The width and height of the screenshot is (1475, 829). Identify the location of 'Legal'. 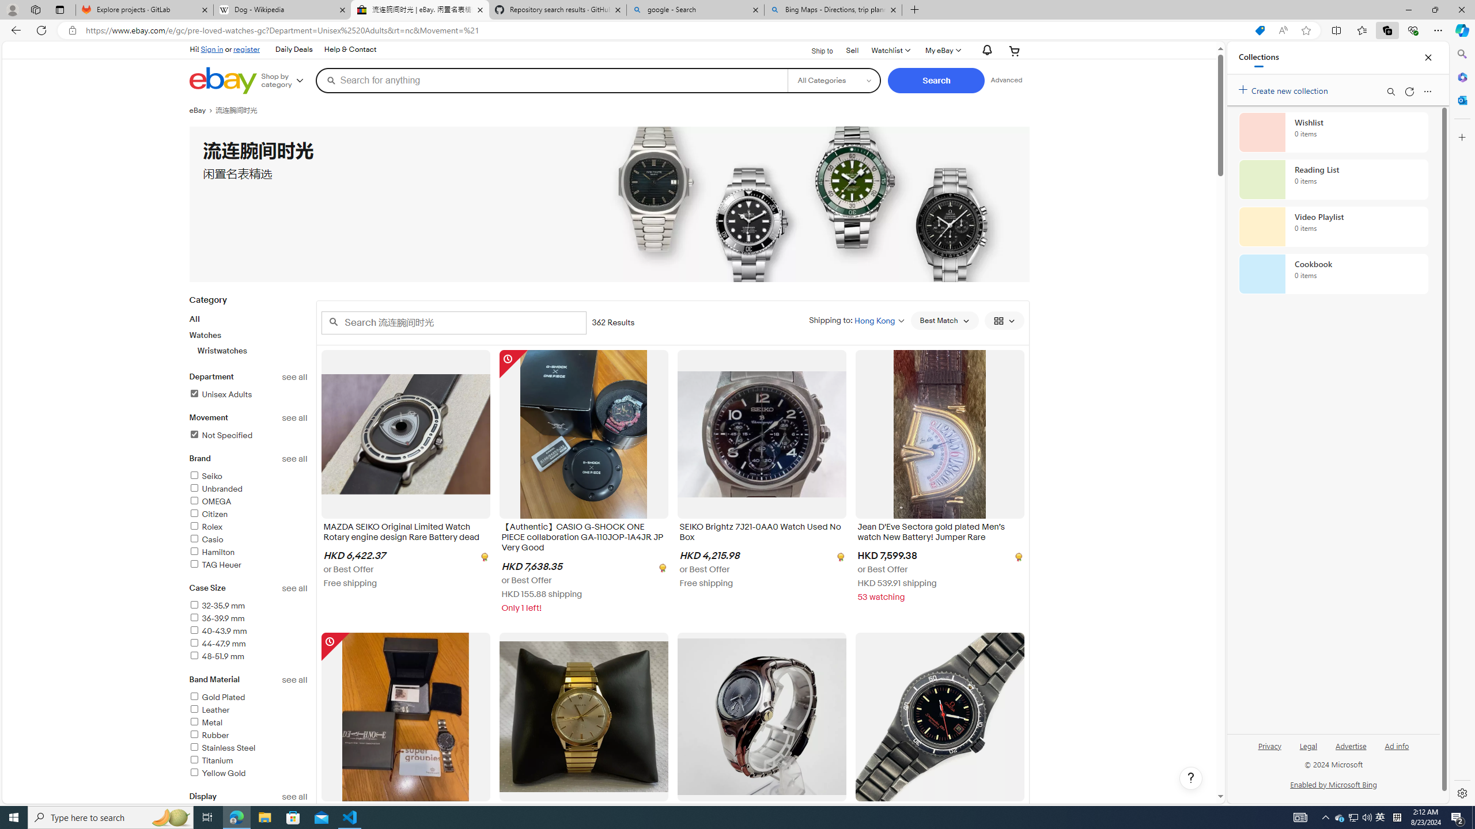
(1308, 745).